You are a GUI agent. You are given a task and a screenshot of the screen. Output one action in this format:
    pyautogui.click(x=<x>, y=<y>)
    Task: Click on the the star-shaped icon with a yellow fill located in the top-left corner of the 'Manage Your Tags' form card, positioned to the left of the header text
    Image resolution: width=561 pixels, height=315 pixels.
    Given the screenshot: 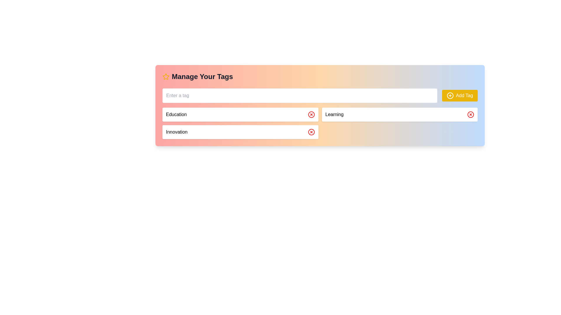 What is the action you would take?
    pyautogui.click(x=165, y=76)
    